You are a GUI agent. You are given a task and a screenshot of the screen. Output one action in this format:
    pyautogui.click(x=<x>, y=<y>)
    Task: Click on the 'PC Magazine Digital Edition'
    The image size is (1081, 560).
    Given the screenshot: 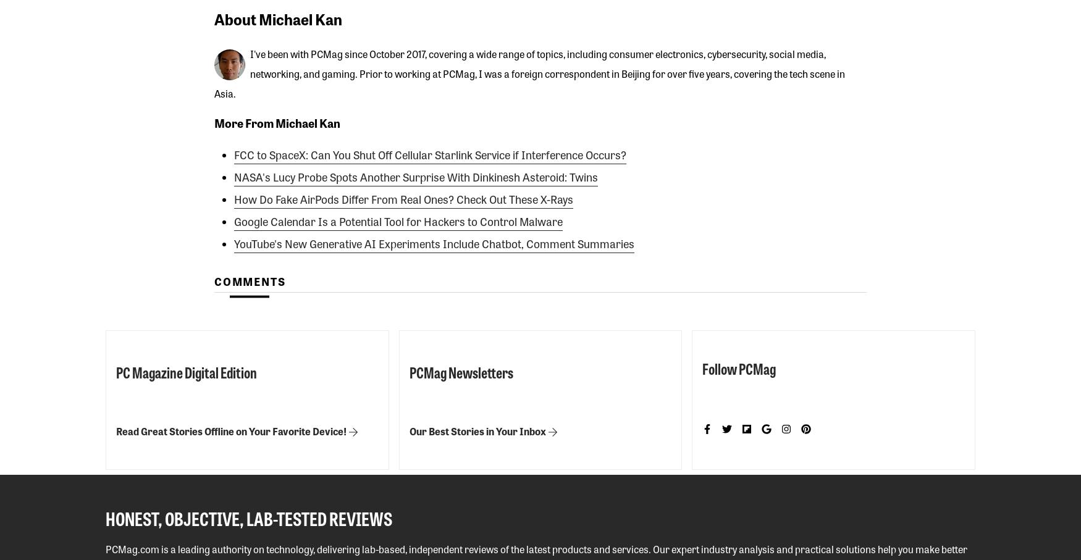 What is the action you would take?
    pyautogui.click(x=115, y=370)
    